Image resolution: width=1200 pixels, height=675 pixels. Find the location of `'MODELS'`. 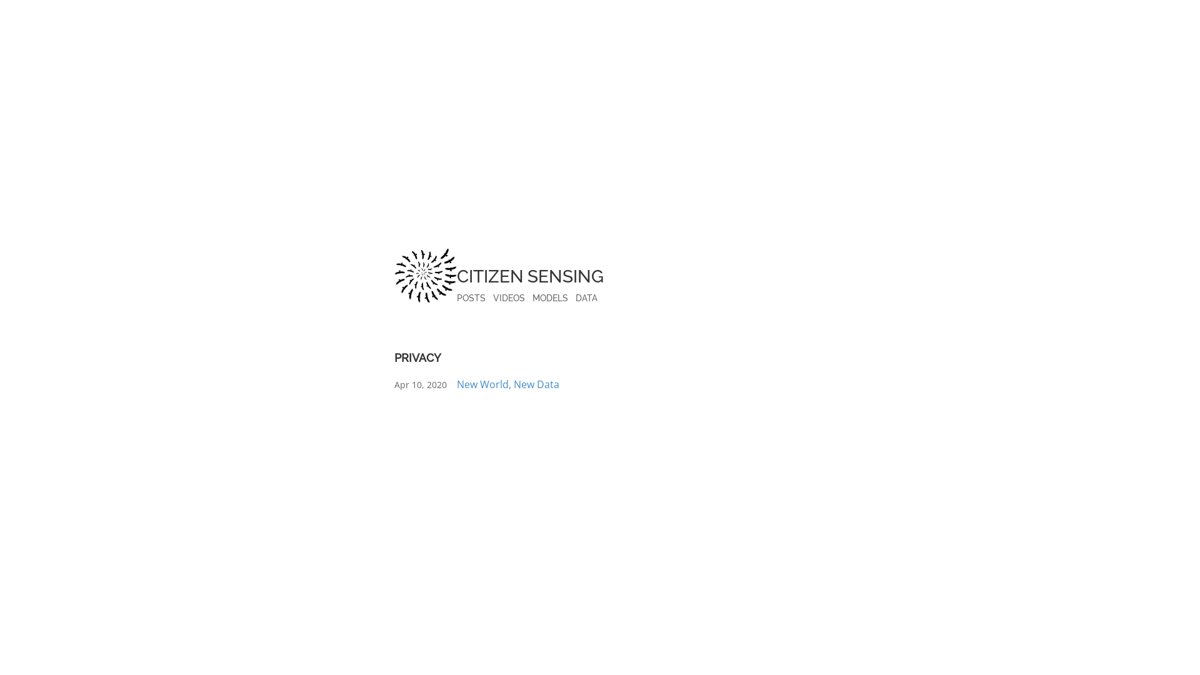

'MODELS' is located at coordinates (550, 298).